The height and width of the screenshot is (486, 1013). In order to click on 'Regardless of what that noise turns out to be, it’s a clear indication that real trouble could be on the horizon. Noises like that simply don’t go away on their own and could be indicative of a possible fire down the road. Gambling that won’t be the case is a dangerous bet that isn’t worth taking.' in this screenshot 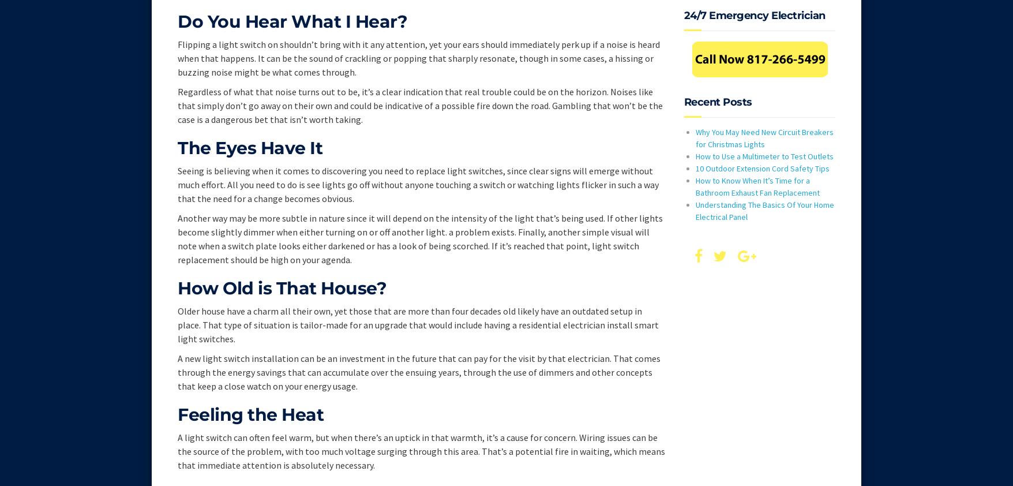, I will do `click(420, 104)`.